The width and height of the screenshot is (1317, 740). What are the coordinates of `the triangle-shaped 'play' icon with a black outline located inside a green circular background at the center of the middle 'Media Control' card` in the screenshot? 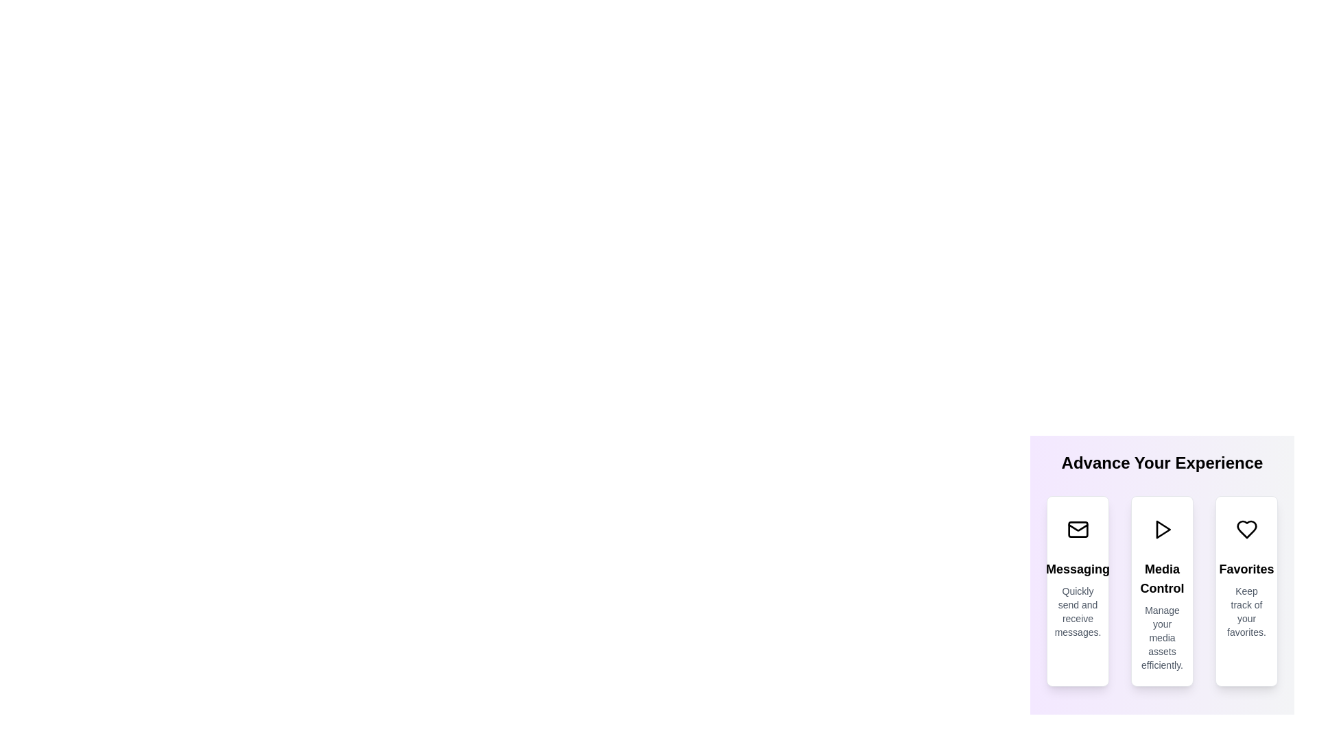 It's located at (1161, 528).